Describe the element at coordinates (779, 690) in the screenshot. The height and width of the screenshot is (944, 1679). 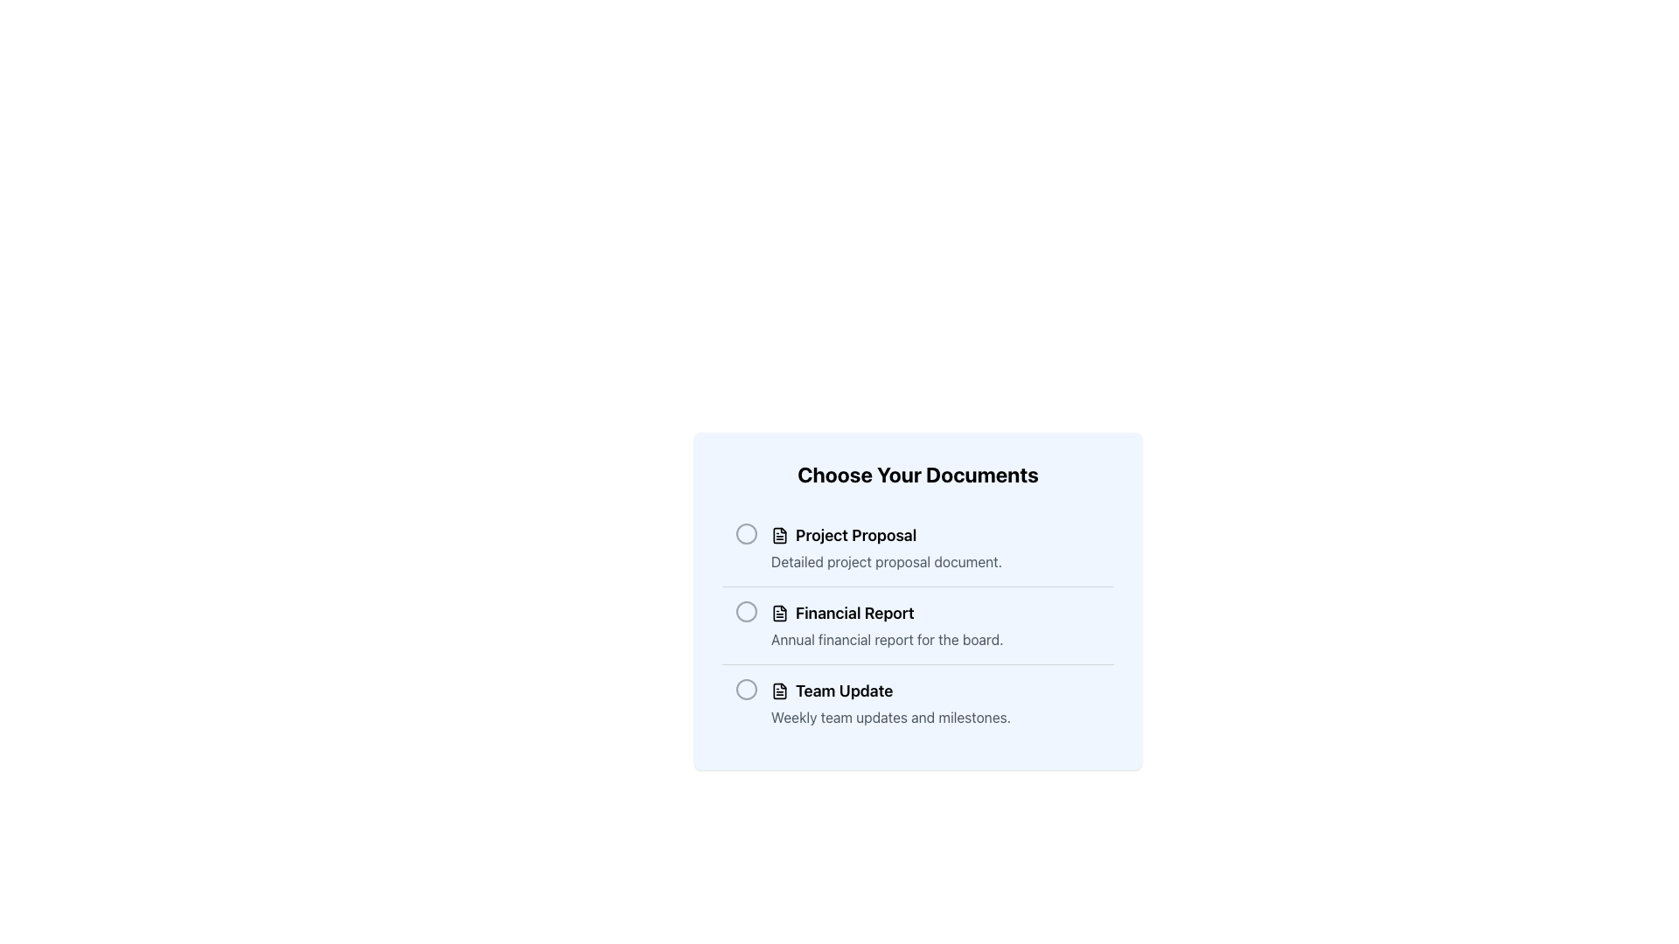
I see `the 'Team Update' icon, which visually represents the option as a document and is positioned to the left of the 'Team Update' text in the bottom row of the 'Choose Your Documents' list` at that location.